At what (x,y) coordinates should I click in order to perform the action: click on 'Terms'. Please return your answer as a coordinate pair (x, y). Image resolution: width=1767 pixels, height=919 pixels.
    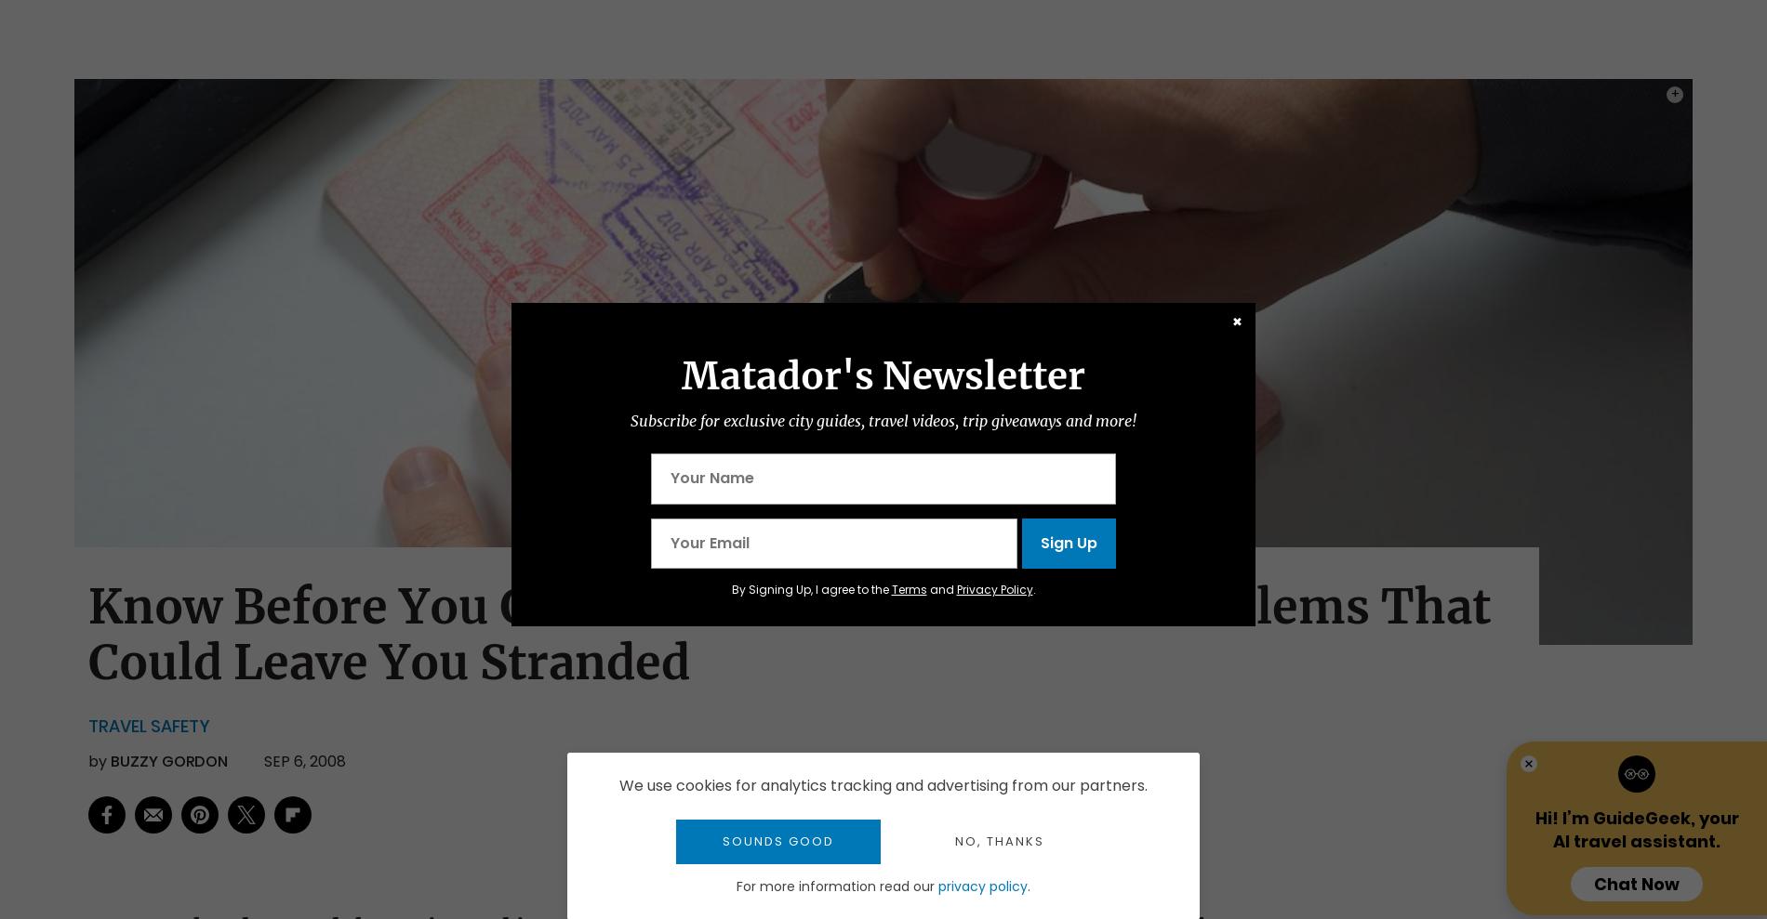
    Looking at the image, I should click on (890, 589).